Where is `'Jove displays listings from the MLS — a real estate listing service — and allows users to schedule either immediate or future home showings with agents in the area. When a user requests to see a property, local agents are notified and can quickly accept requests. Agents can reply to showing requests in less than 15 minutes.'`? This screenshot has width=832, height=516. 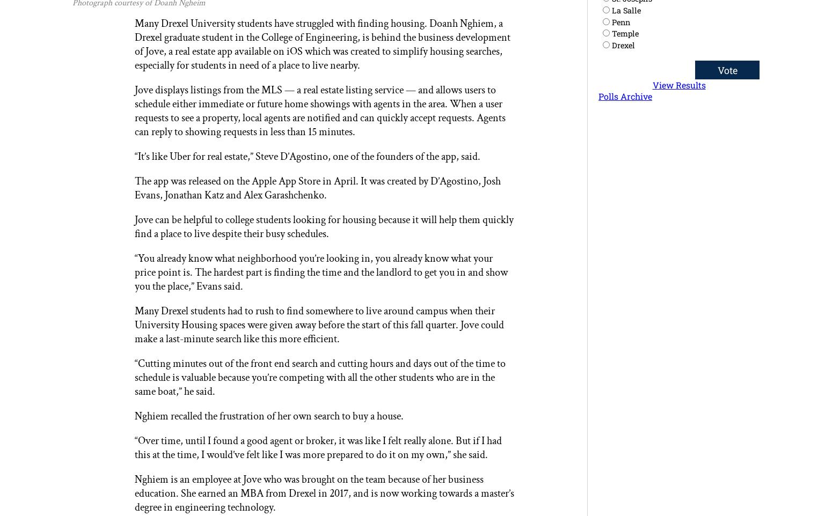
'Jove displays listings from the MLS — a real estate listing service — and allows users to schedule either immediate or future home showings with agents in the area. When a user requests to see a property, local agents are notified and can quickly accept requests. Agents can reply to showing requests in less than 15 minutes.' is located at coordinates (134, 110).